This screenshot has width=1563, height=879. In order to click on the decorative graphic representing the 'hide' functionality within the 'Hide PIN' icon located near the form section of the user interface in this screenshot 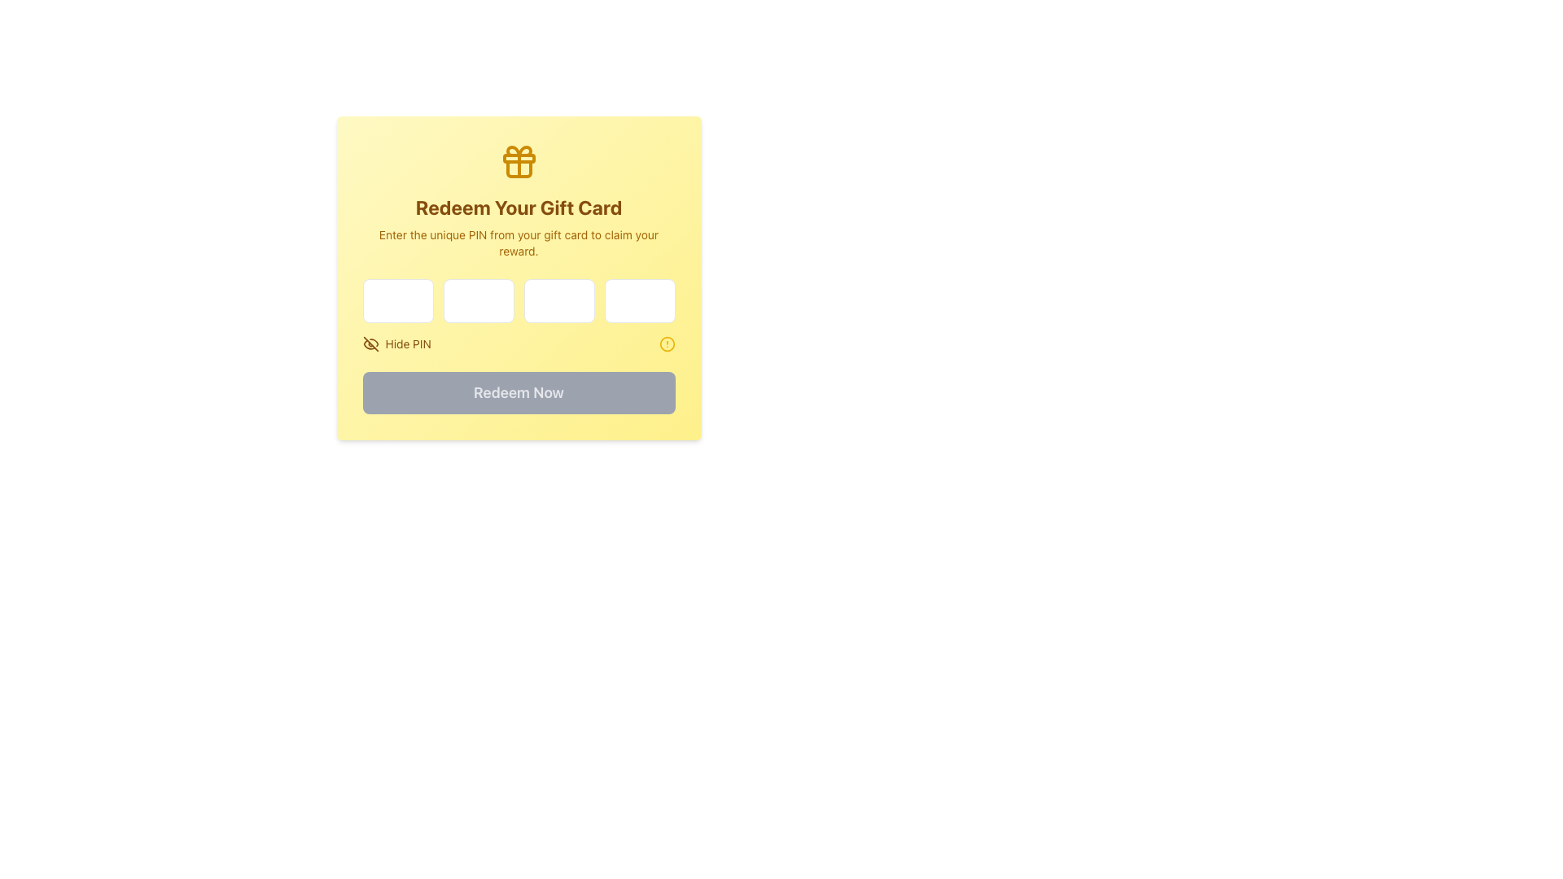, I will do `click(370, 343)`.